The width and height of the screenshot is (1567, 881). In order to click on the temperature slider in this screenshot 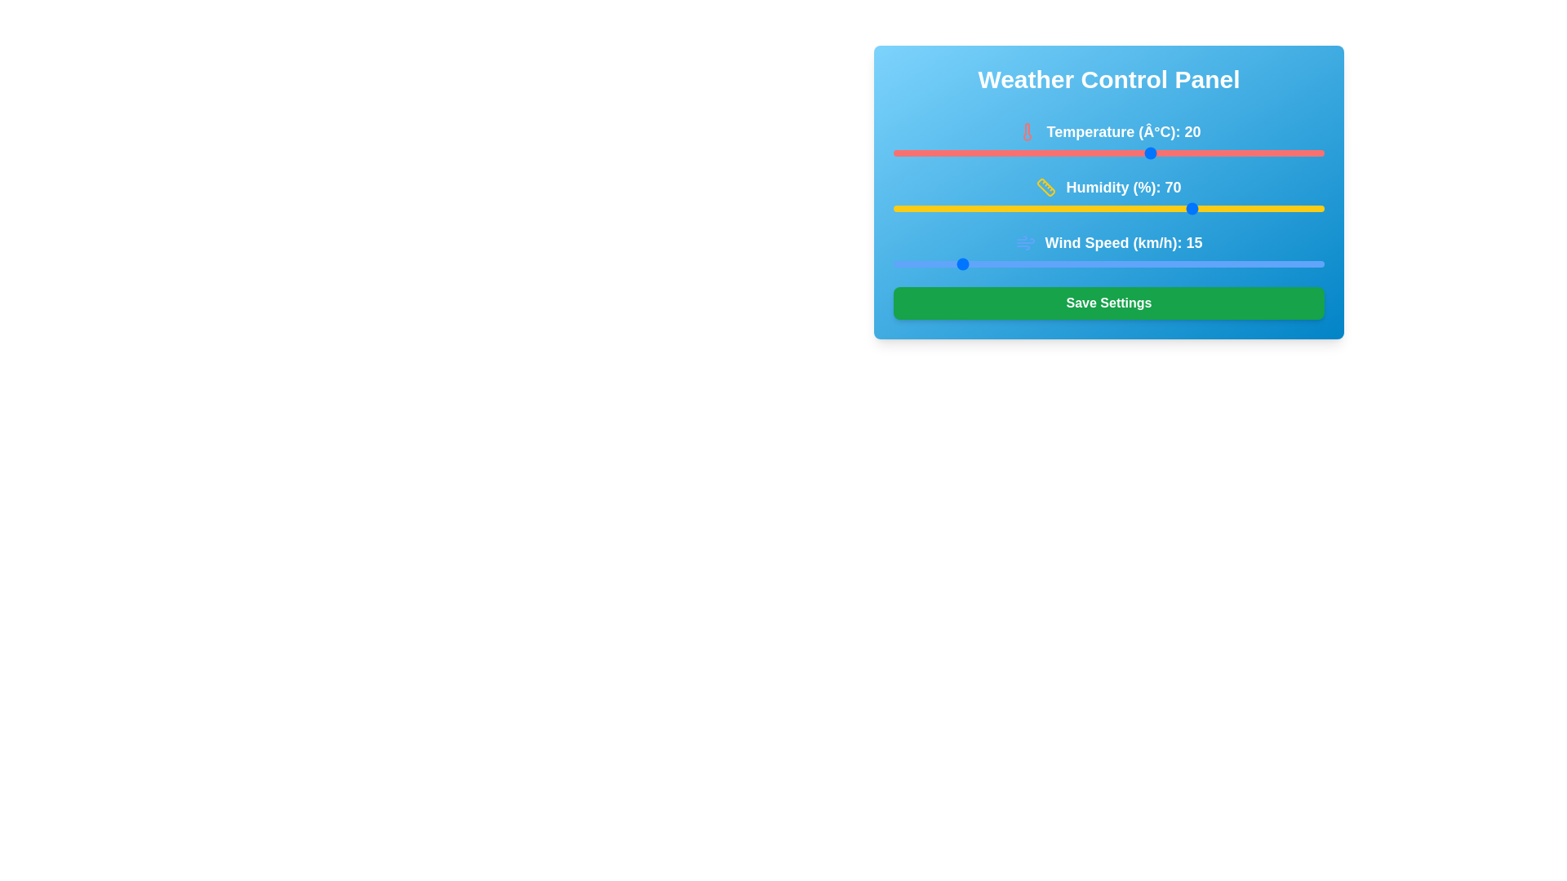, I will do `click(979, 153)`.